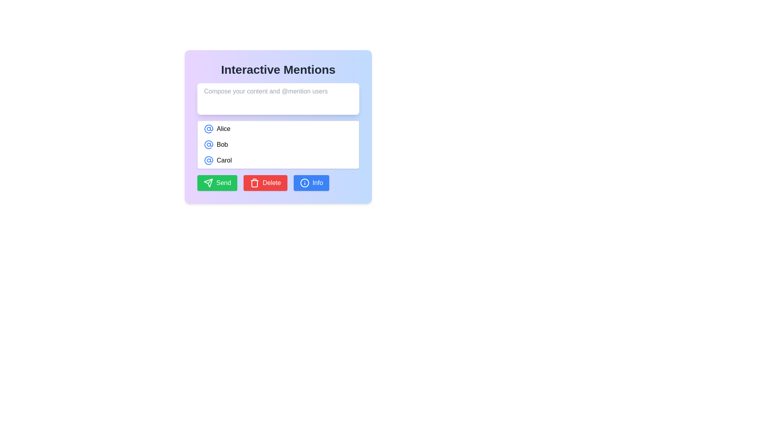 The image size is (758, 426). Describe the element at coordinates (217, 183) in the screenshot. I see `the green button labeled 'Send' with a paper plane icon` at that location.